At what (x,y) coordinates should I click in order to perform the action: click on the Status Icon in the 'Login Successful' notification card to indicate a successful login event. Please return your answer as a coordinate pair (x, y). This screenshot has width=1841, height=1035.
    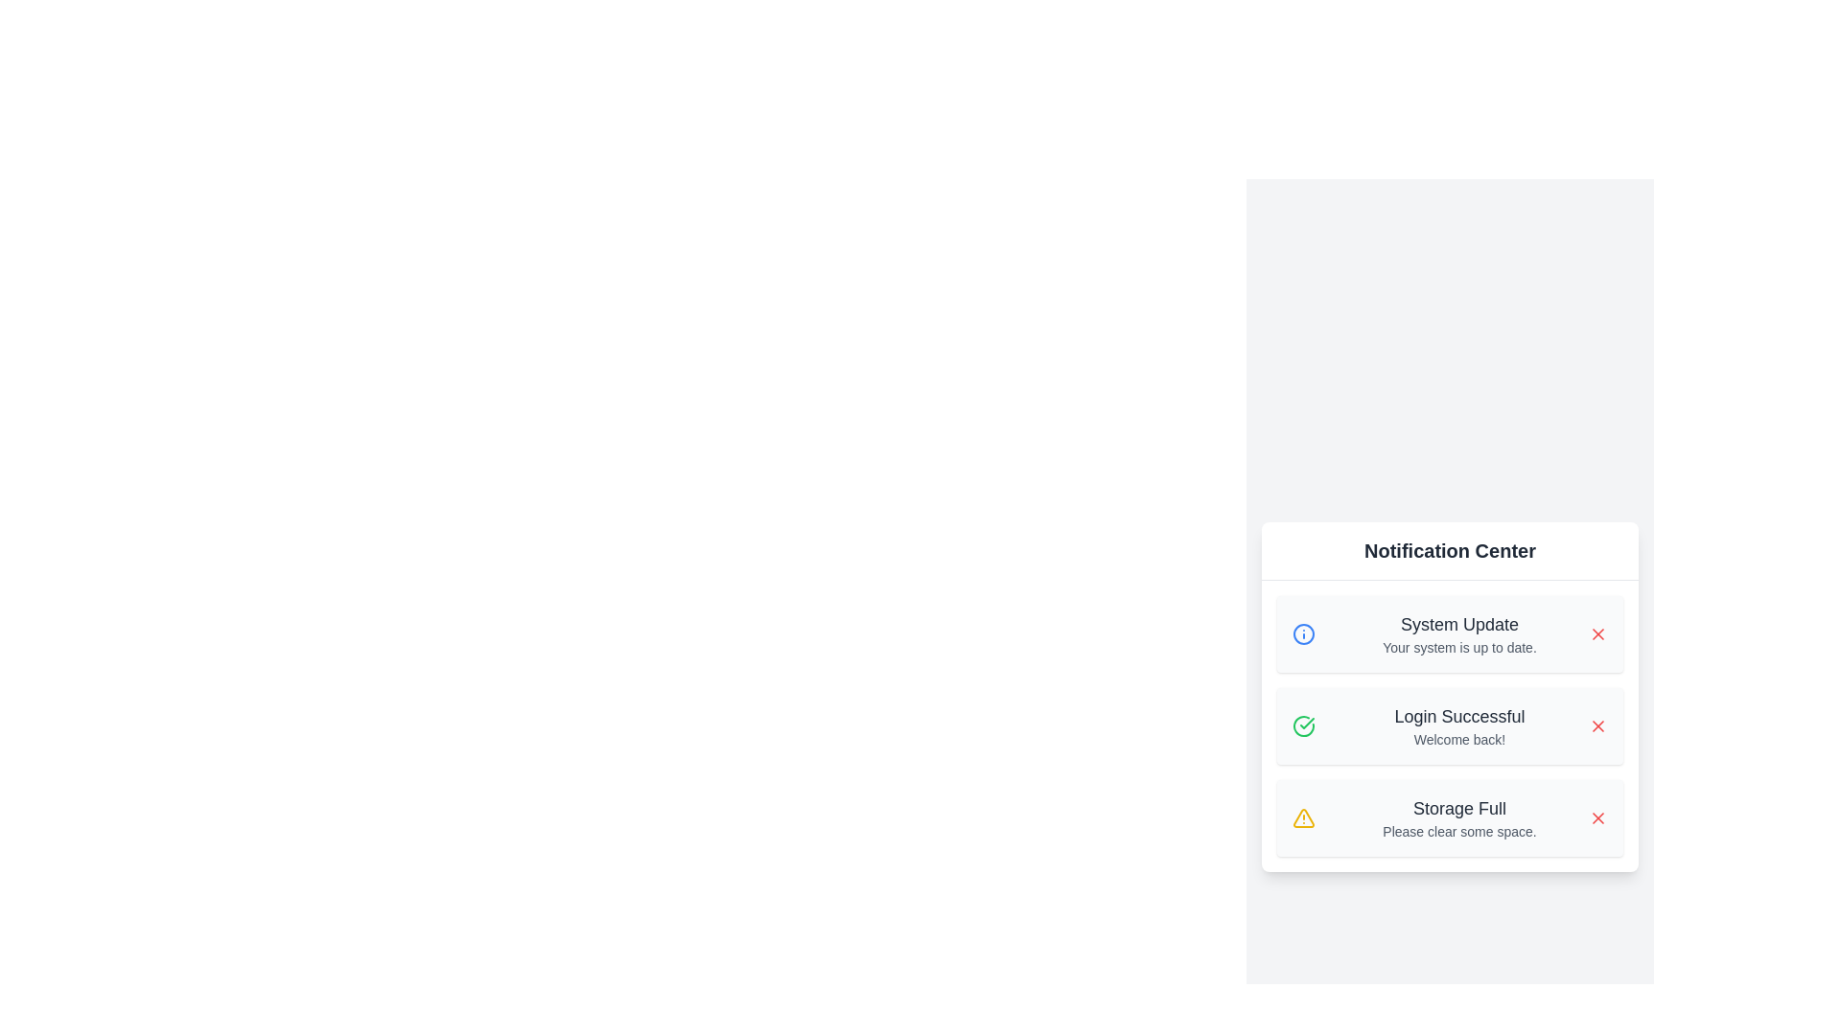
    Looking at the image, I should click on (1303, 725).